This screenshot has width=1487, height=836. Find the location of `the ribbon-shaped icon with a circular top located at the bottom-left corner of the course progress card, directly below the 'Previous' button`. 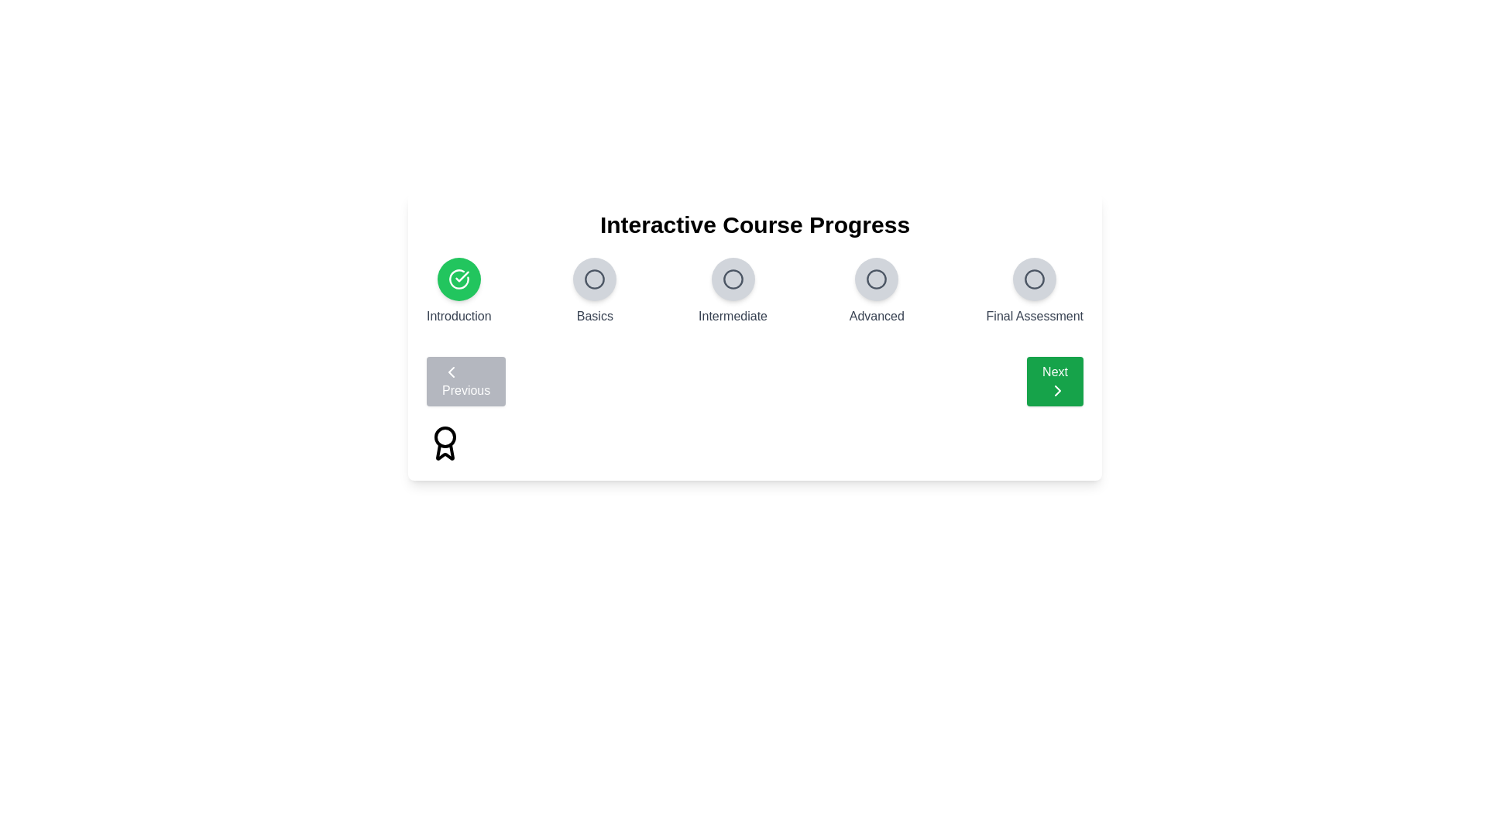

the ribbon-shaped icon with a circular top located at the bottom-left corner of the course progress card, directly below the 'Previous' button is located at coordinates (445, 444).